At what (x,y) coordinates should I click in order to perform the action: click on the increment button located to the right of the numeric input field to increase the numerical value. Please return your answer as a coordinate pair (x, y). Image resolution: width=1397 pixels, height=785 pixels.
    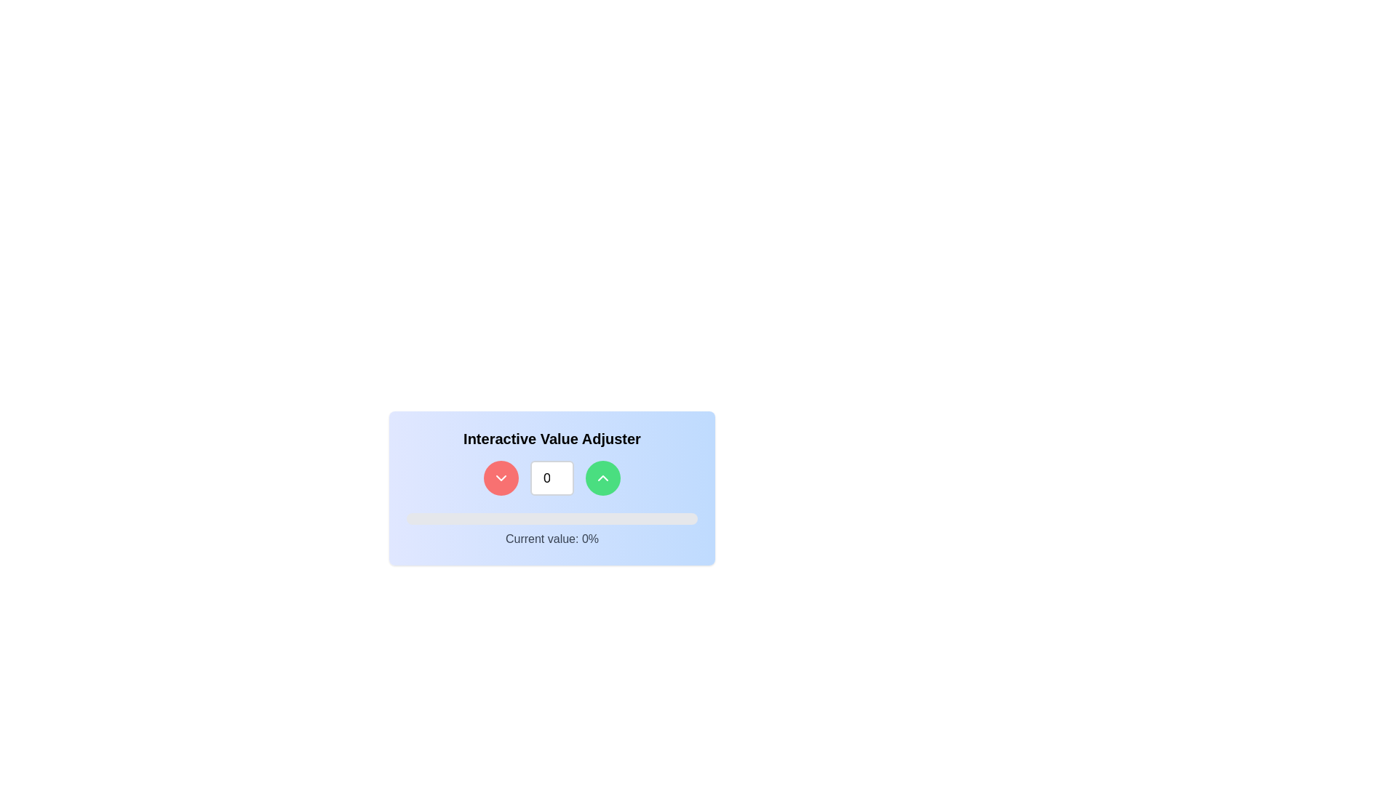
    Looking at the image, I should click on (603, 478).